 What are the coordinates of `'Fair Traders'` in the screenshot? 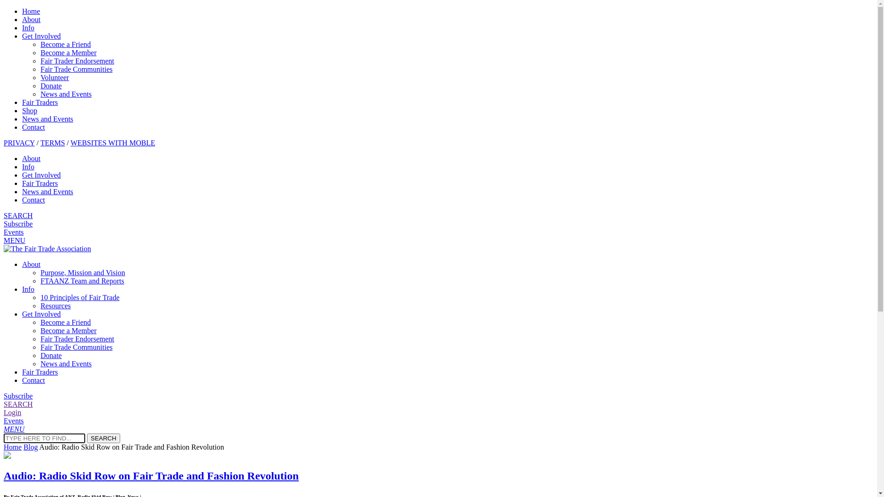 It's located at (22, 102).